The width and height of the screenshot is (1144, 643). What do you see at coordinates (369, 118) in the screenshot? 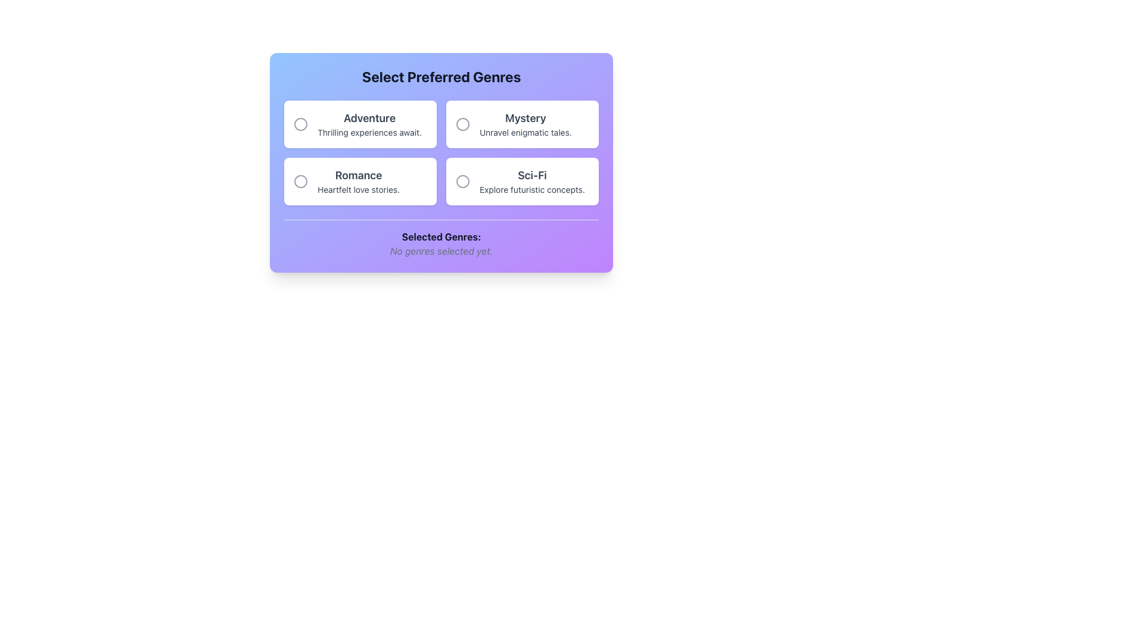
I see `text of the header label for the 'Adventure' genre option, which is positioned above the subtitle 'Thrilling experiences await.'` at bounding box center [369, 118].